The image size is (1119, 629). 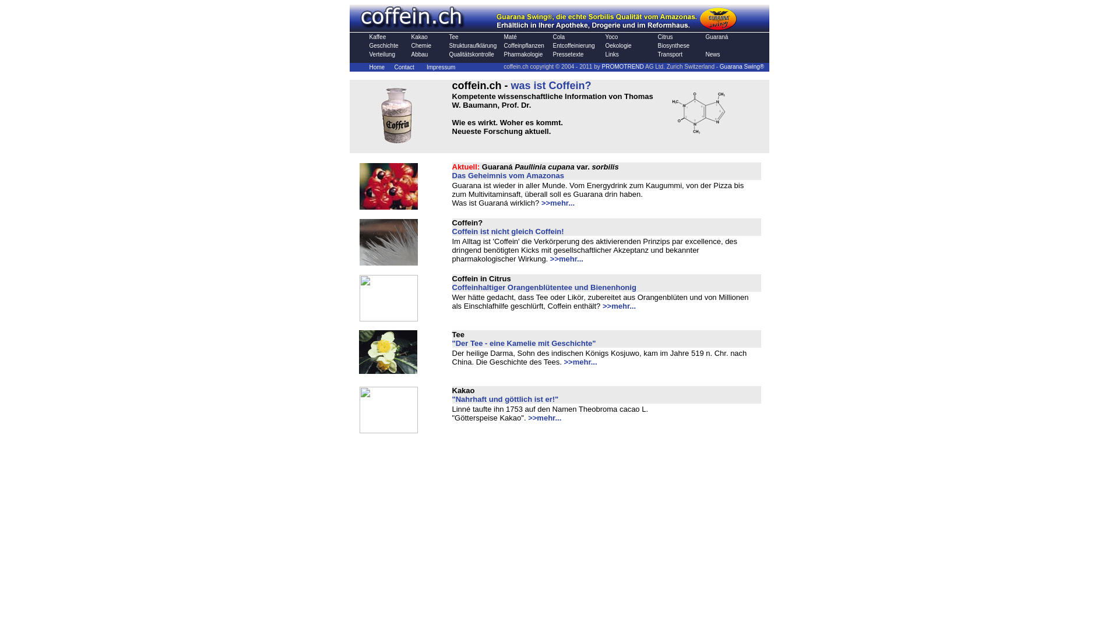 I want to click on '>>mehr...', so click(x=541, y=202).